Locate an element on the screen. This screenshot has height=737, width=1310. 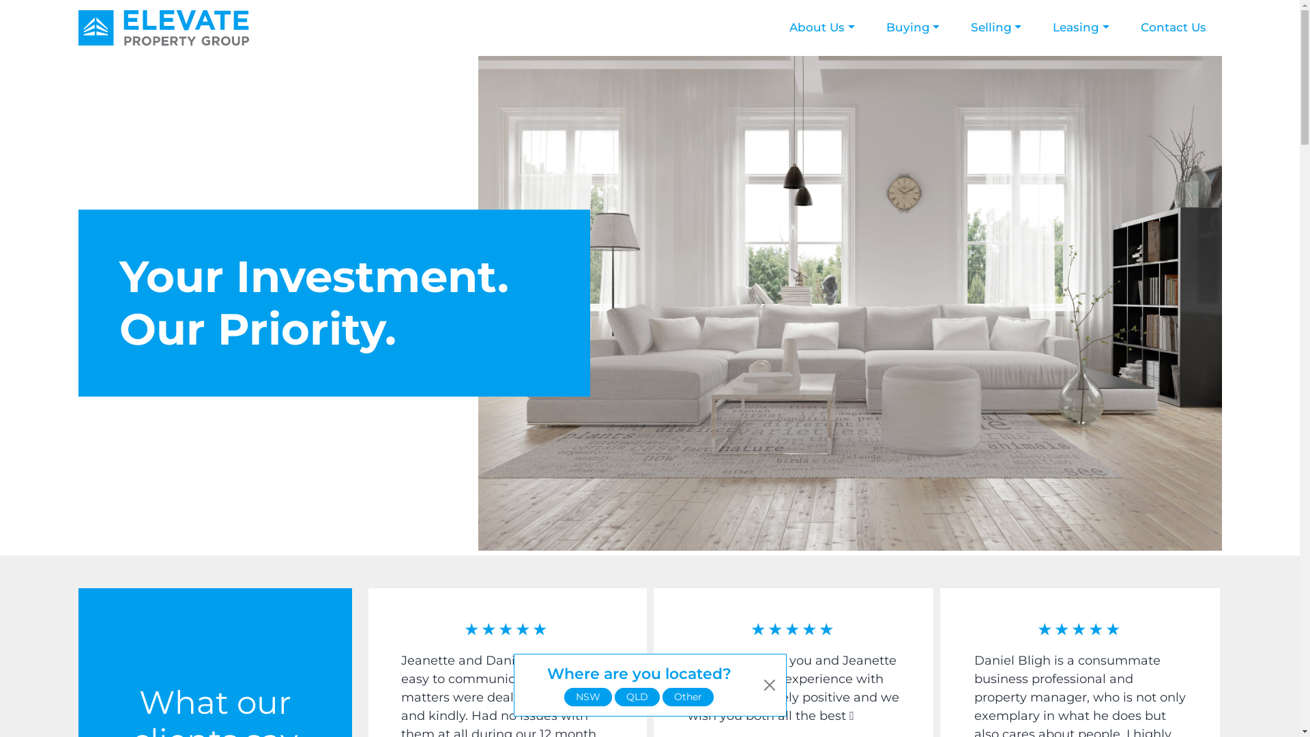
'NSW' is located at coordinates (588, 697).